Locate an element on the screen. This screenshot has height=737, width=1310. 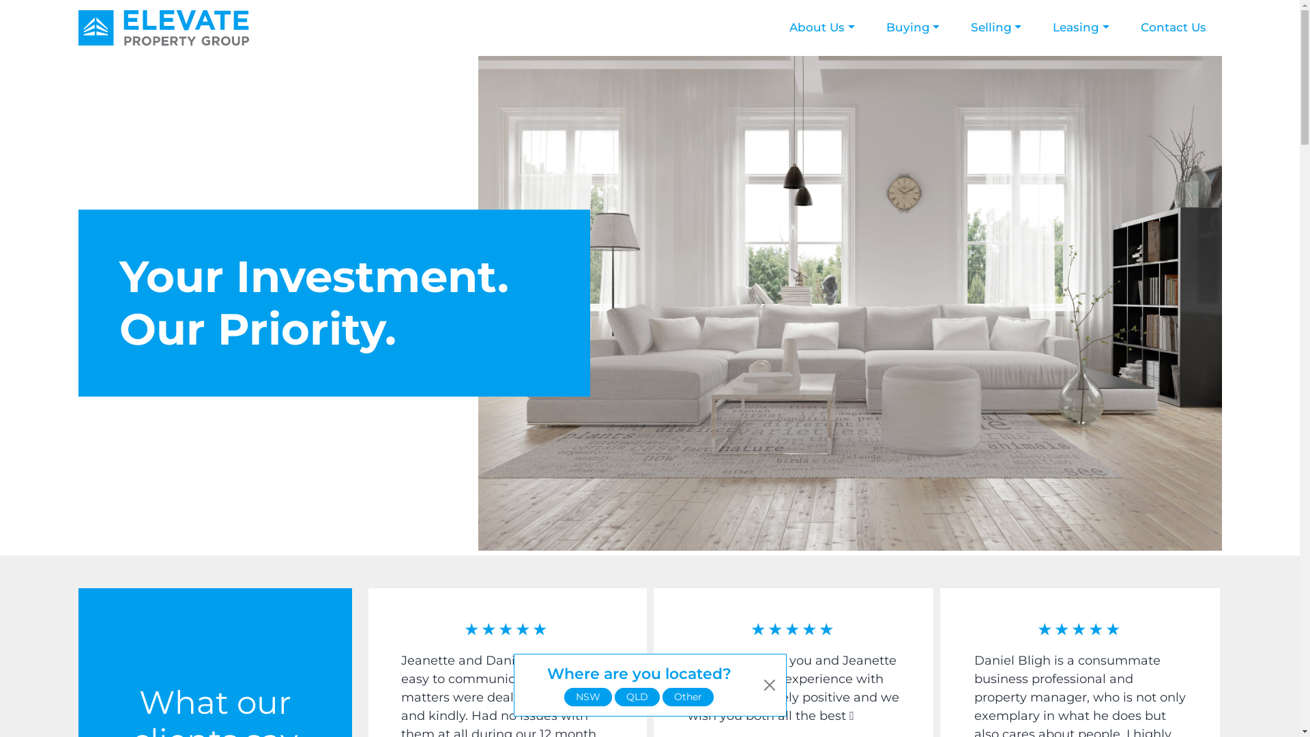
'NSW' is located at coordinates (588, 697).